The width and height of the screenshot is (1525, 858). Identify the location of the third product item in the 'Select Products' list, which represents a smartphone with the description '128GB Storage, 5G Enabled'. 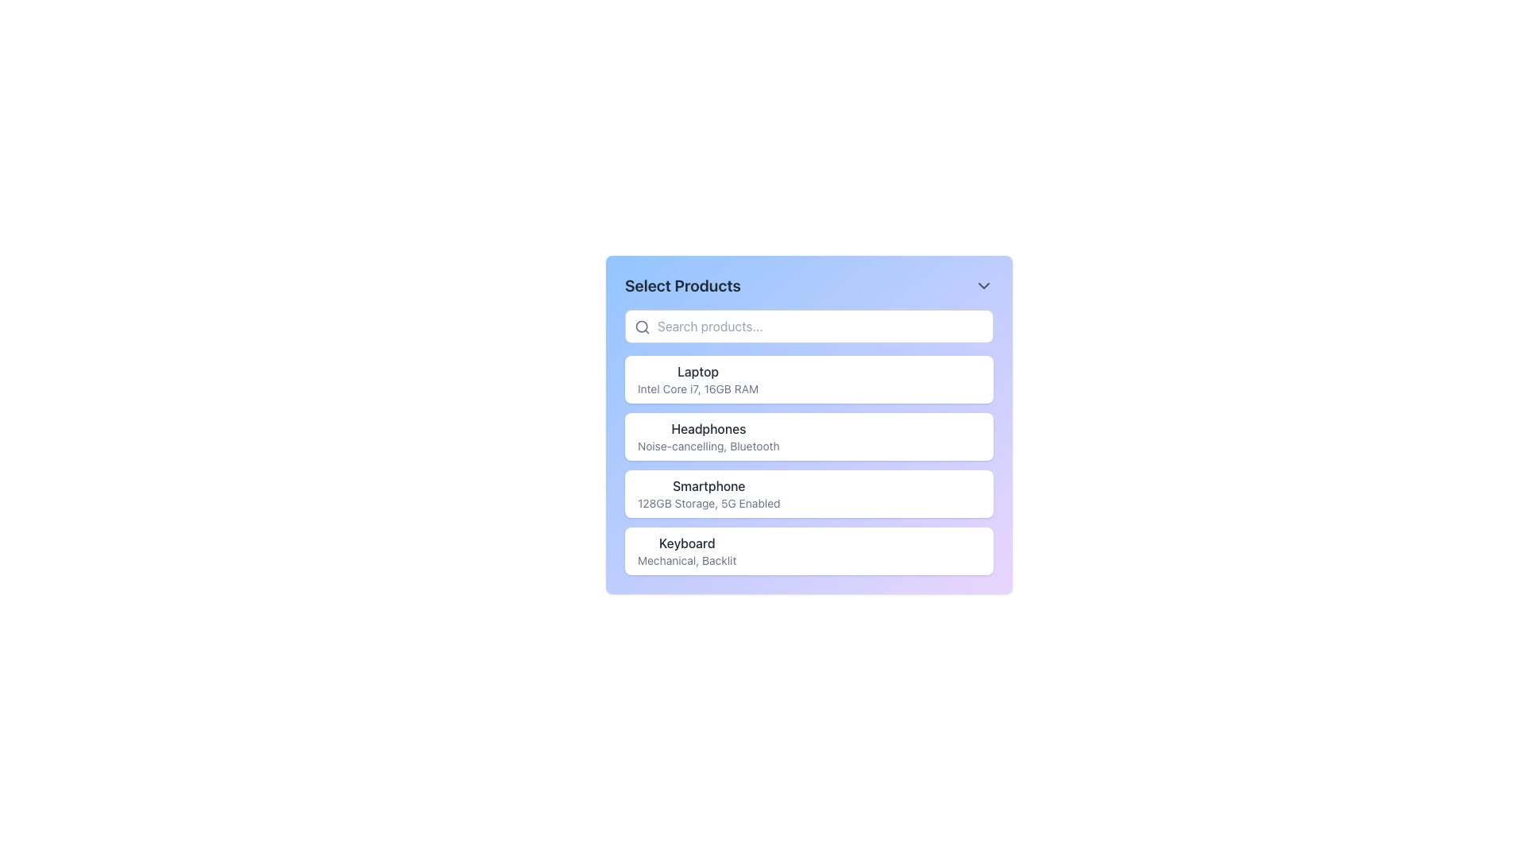
(809, 465).